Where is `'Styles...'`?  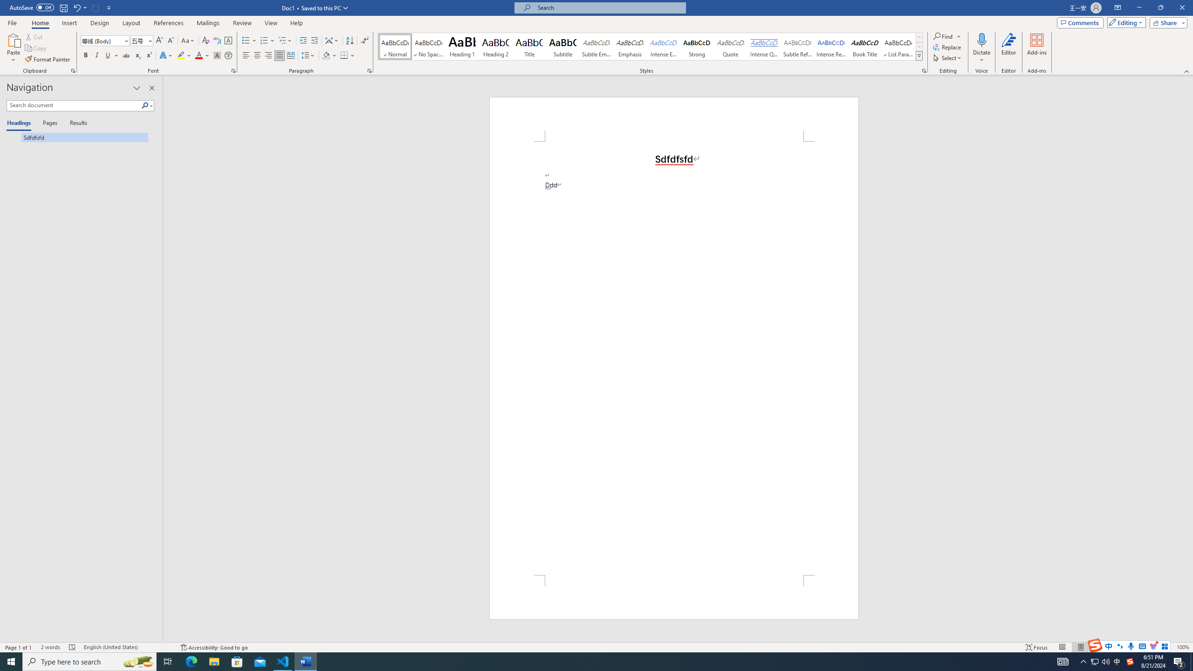
'Styles...' is located at coordinates (923, 70).